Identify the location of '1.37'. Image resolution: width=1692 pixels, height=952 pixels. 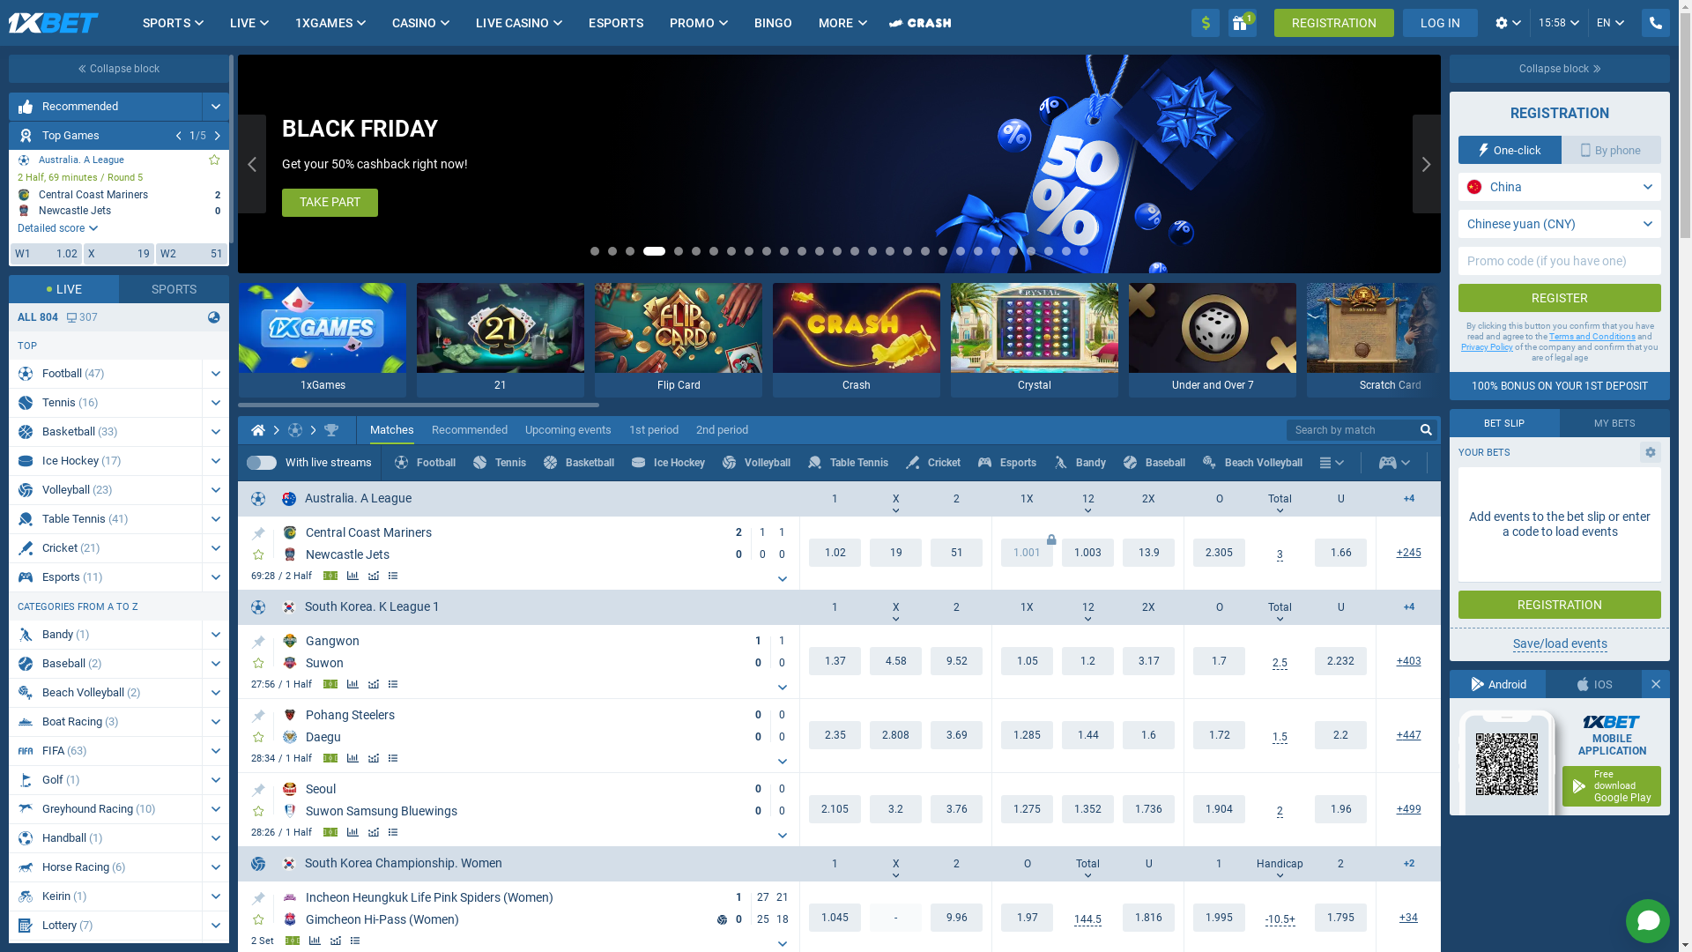
(834, 660).